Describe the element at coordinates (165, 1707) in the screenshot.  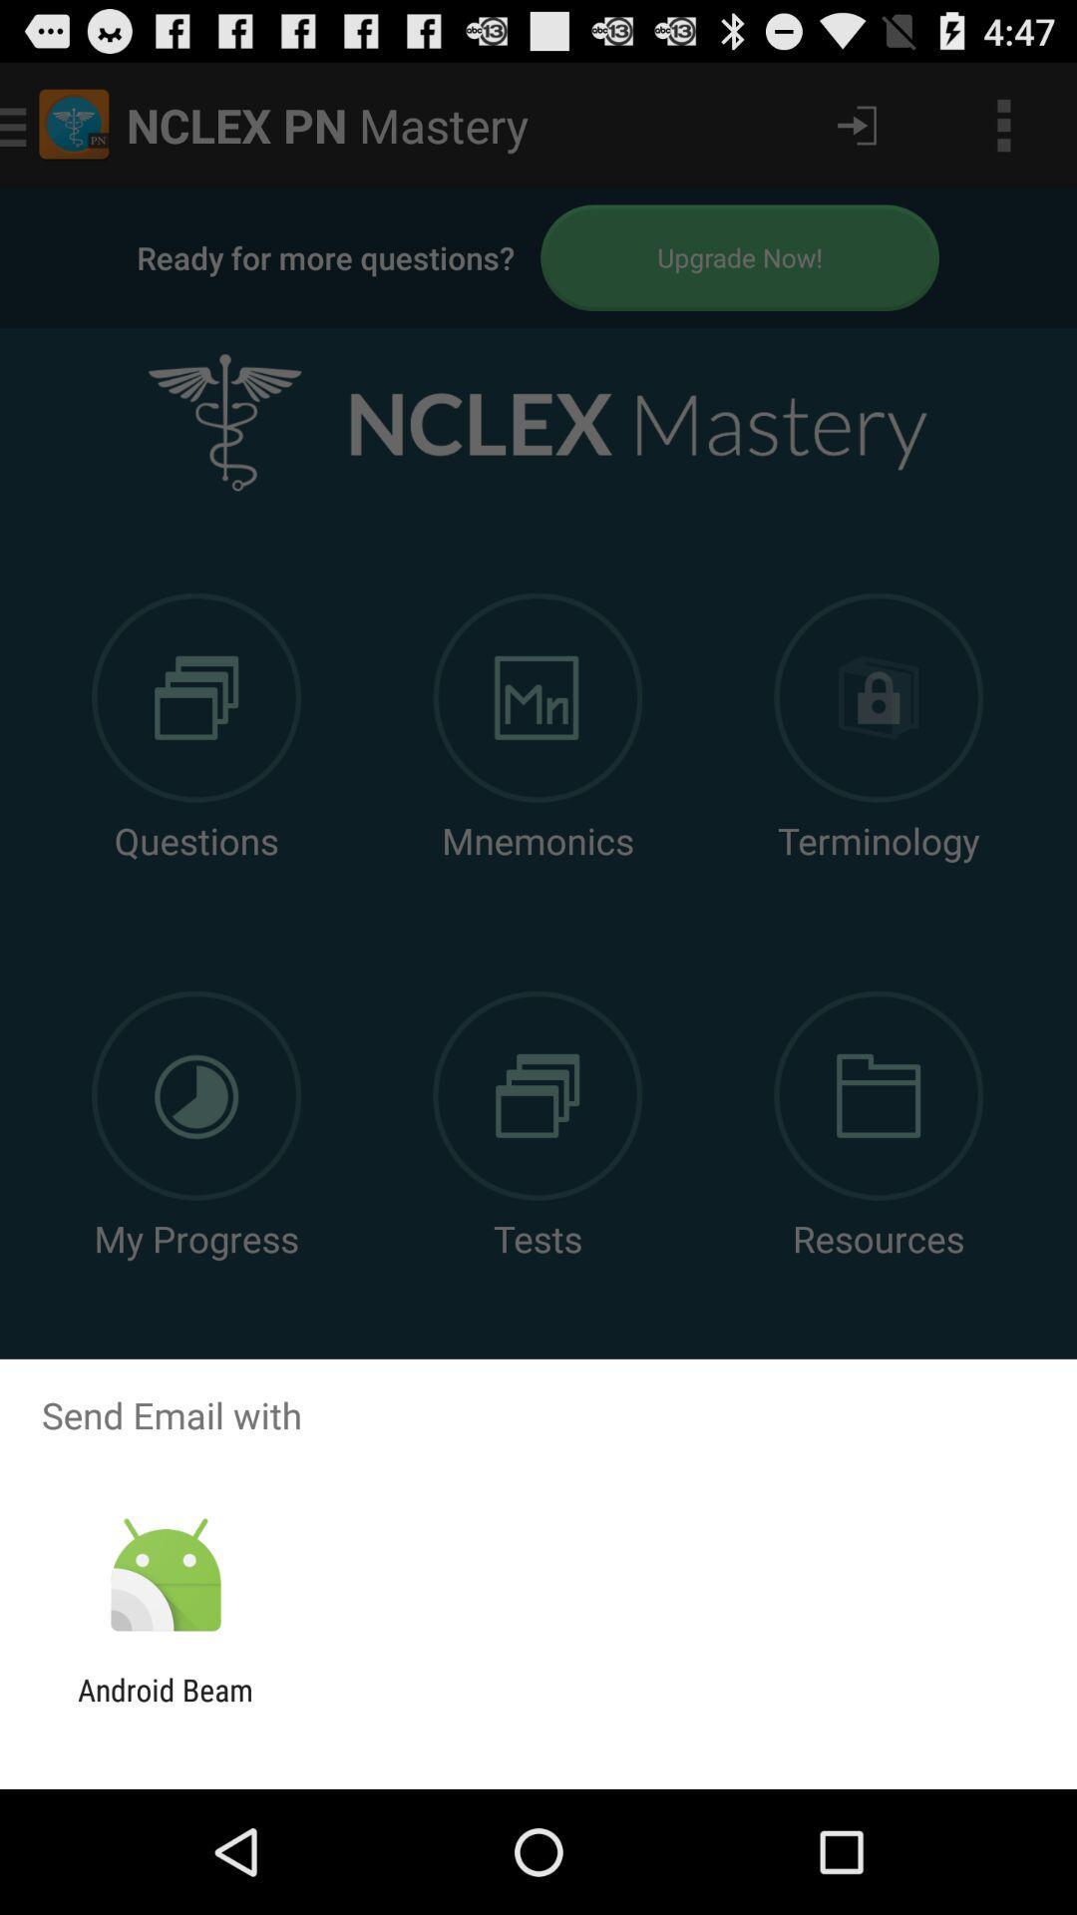
I see `the android beam` at that location.